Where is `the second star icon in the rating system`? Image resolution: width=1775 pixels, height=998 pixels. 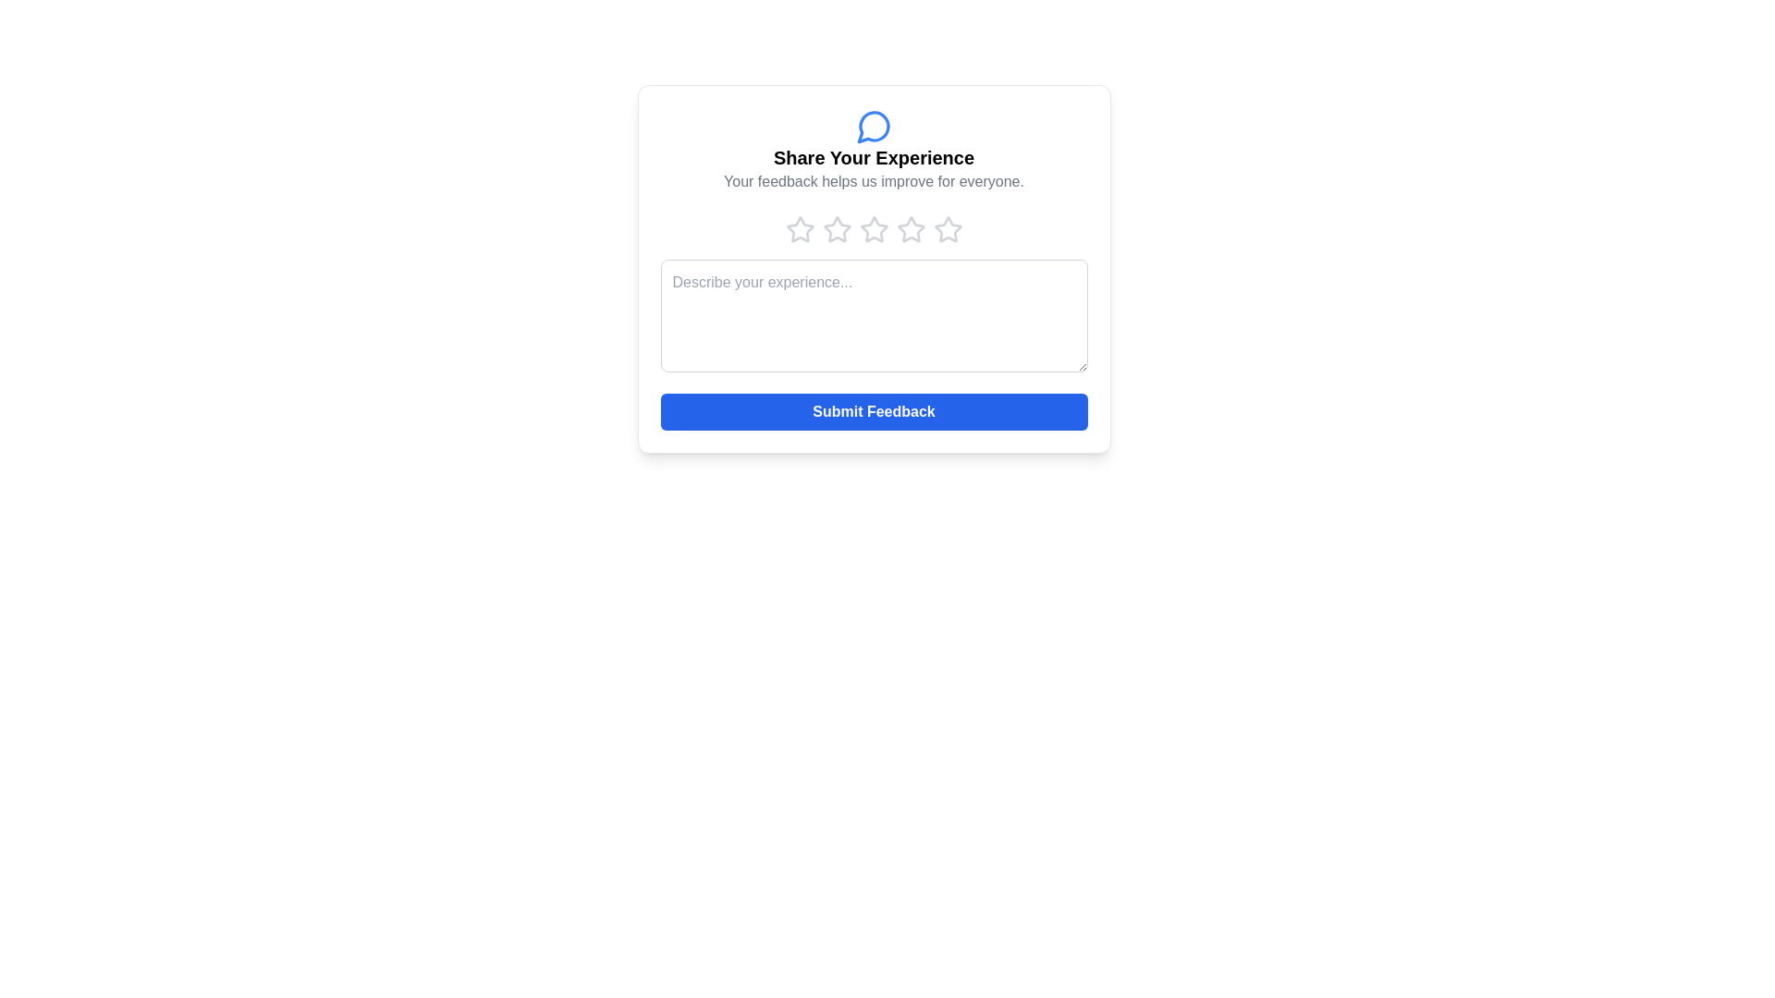 the second star icon in the rating system is located at coordinates (836, 228).